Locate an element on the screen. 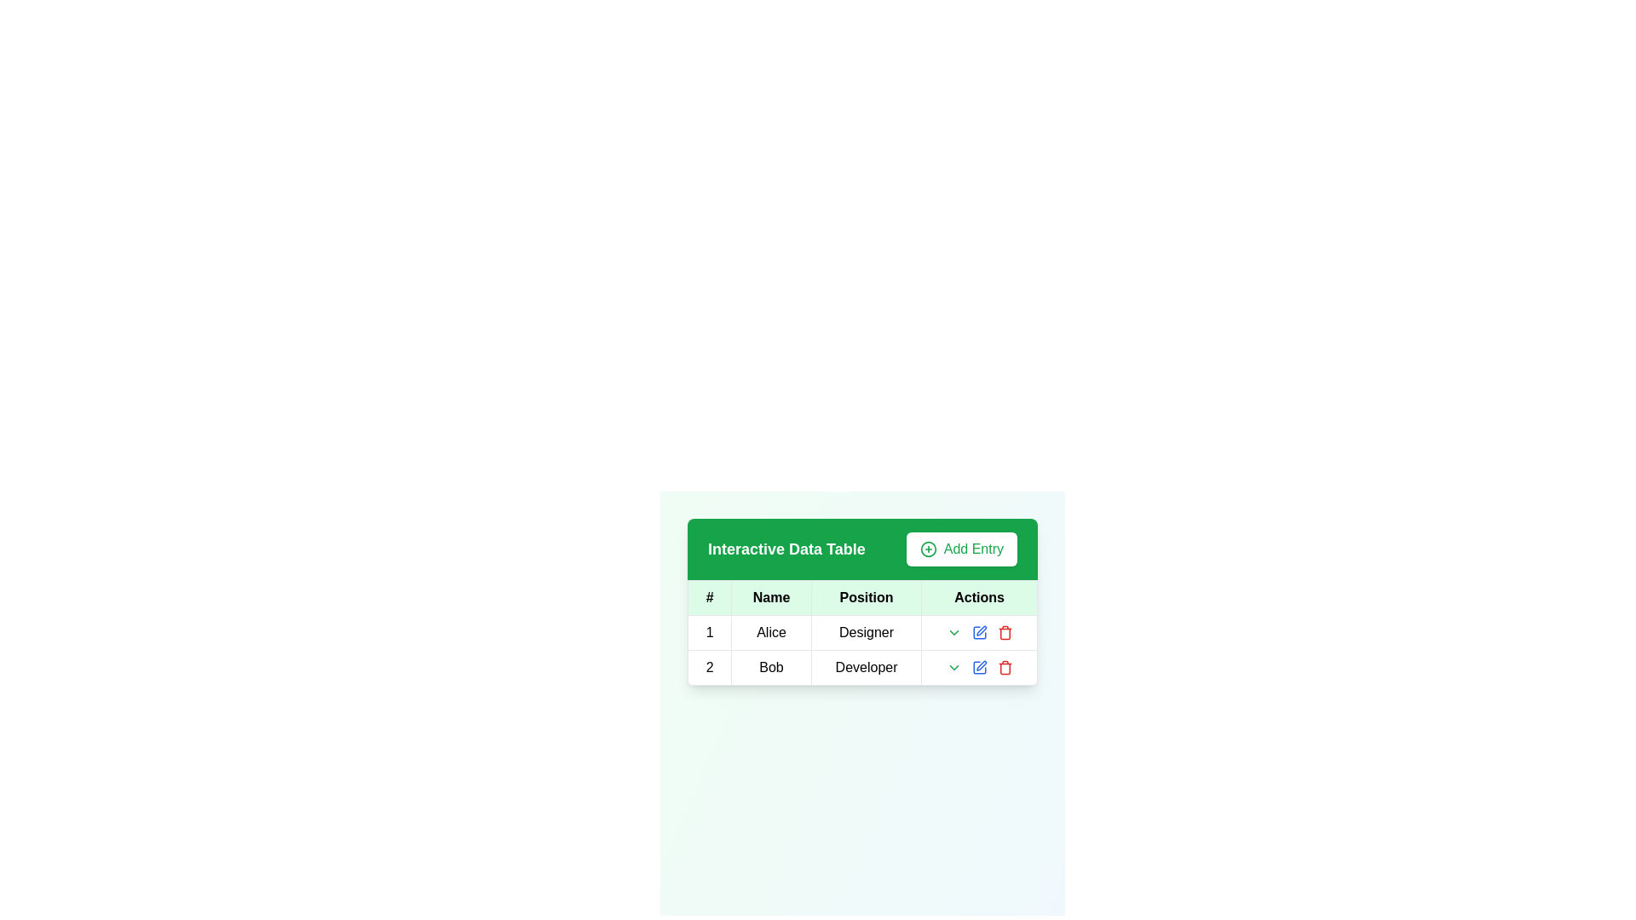 This screenshot has height=920, width=1636. the text box displaying the sequential number '2', which is located in the first column of the second row of the table under the '# Name Position Actions' header is located at coordinates (710, 666).